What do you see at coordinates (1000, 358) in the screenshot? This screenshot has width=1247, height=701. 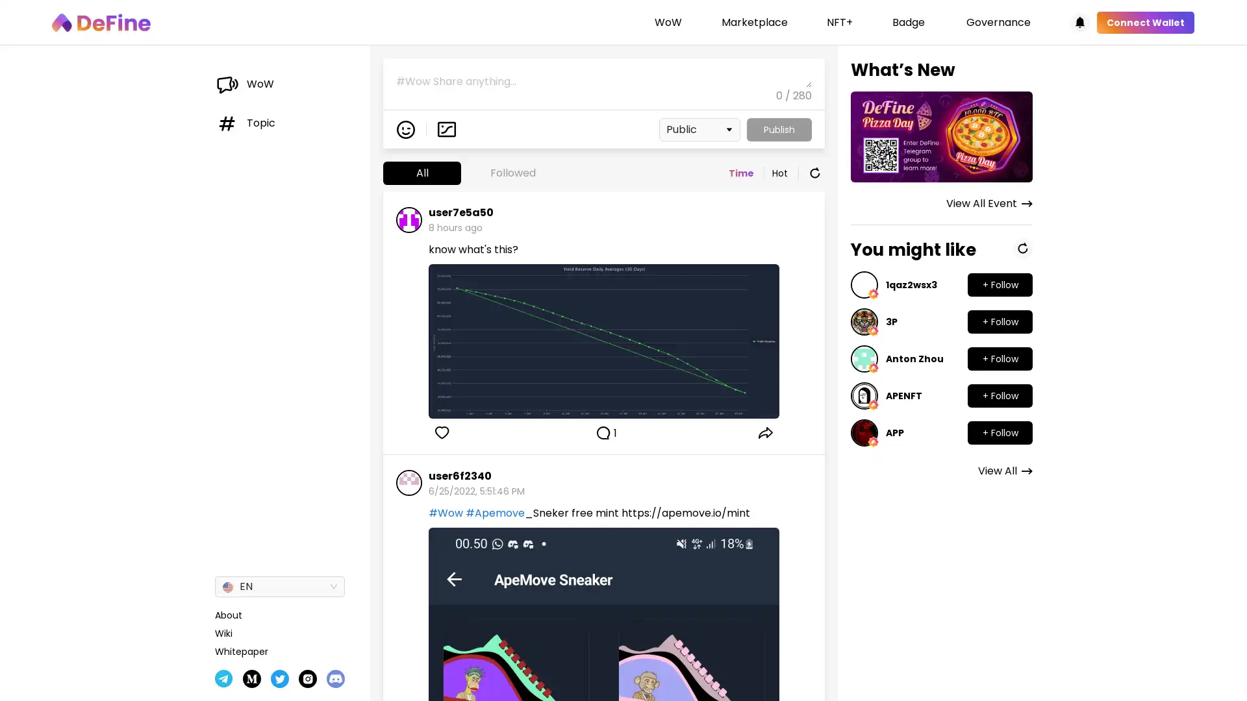 I see `+ Follow` at bounding box center [1000, 358].